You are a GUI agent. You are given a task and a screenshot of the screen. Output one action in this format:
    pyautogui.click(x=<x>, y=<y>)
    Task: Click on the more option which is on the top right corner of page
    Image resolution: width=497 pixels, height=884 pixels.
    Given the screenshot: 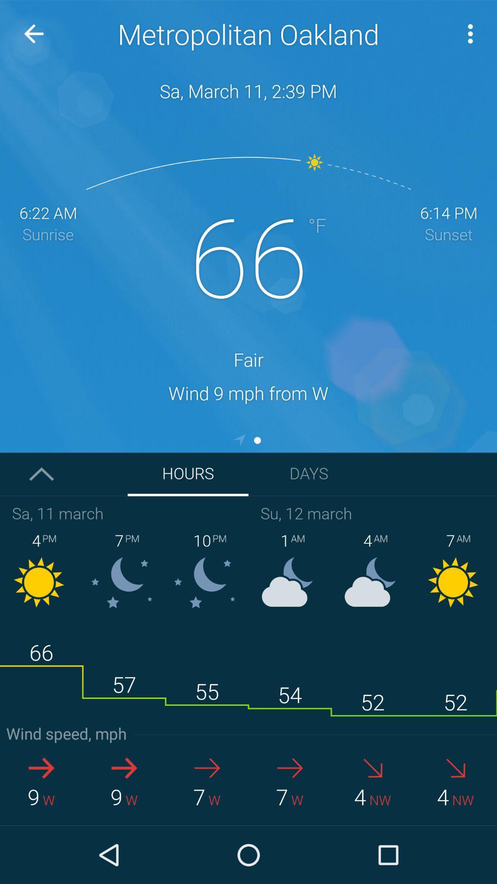 What is the action you would take?
    pyautogui.click(x=473, y=34)
    